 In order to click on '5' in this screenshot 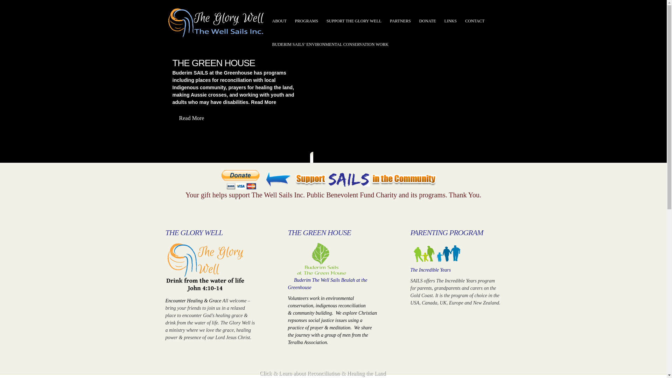, I will do `click(344, 158)`.